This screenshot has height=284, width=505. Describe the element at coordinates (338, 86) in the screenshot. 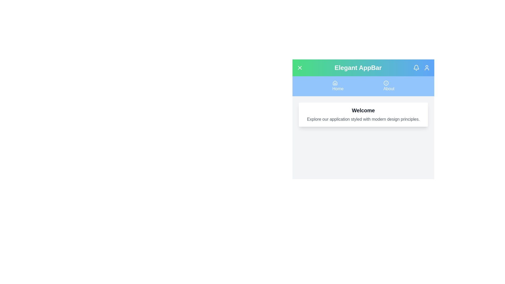

I see `the 'Home' navigation item in the navigation bar` at that location.